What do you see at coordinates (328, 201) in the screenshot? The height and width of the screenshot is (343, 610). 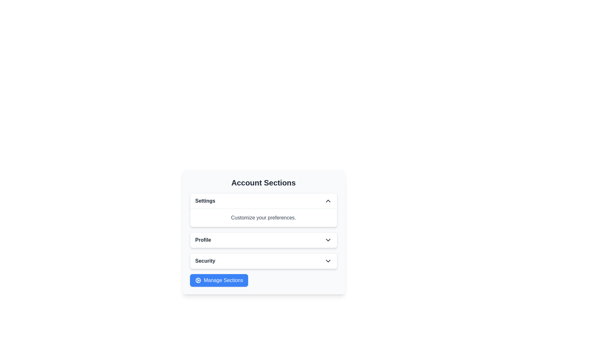 I see `the chevron icon in the 'Settings' section, which is used to expand or collapse the associated content` at bounding box center [328, 201].